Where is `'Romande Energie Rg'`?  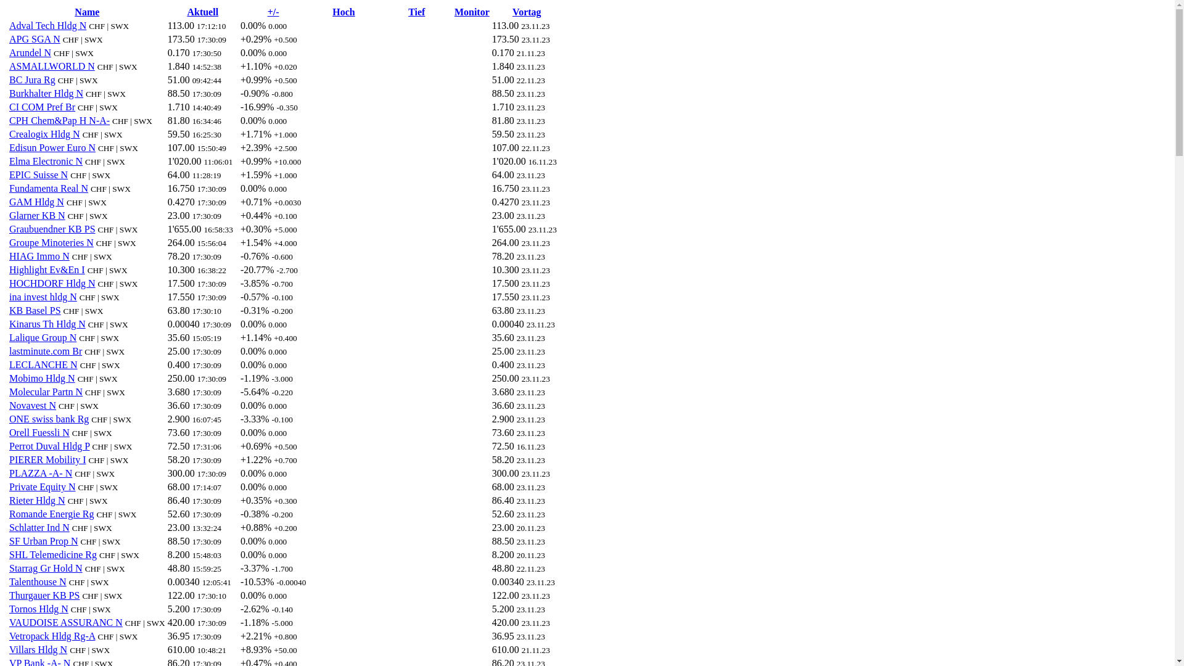 'Romande Energie Rg' is located at coordinates (51, 514).